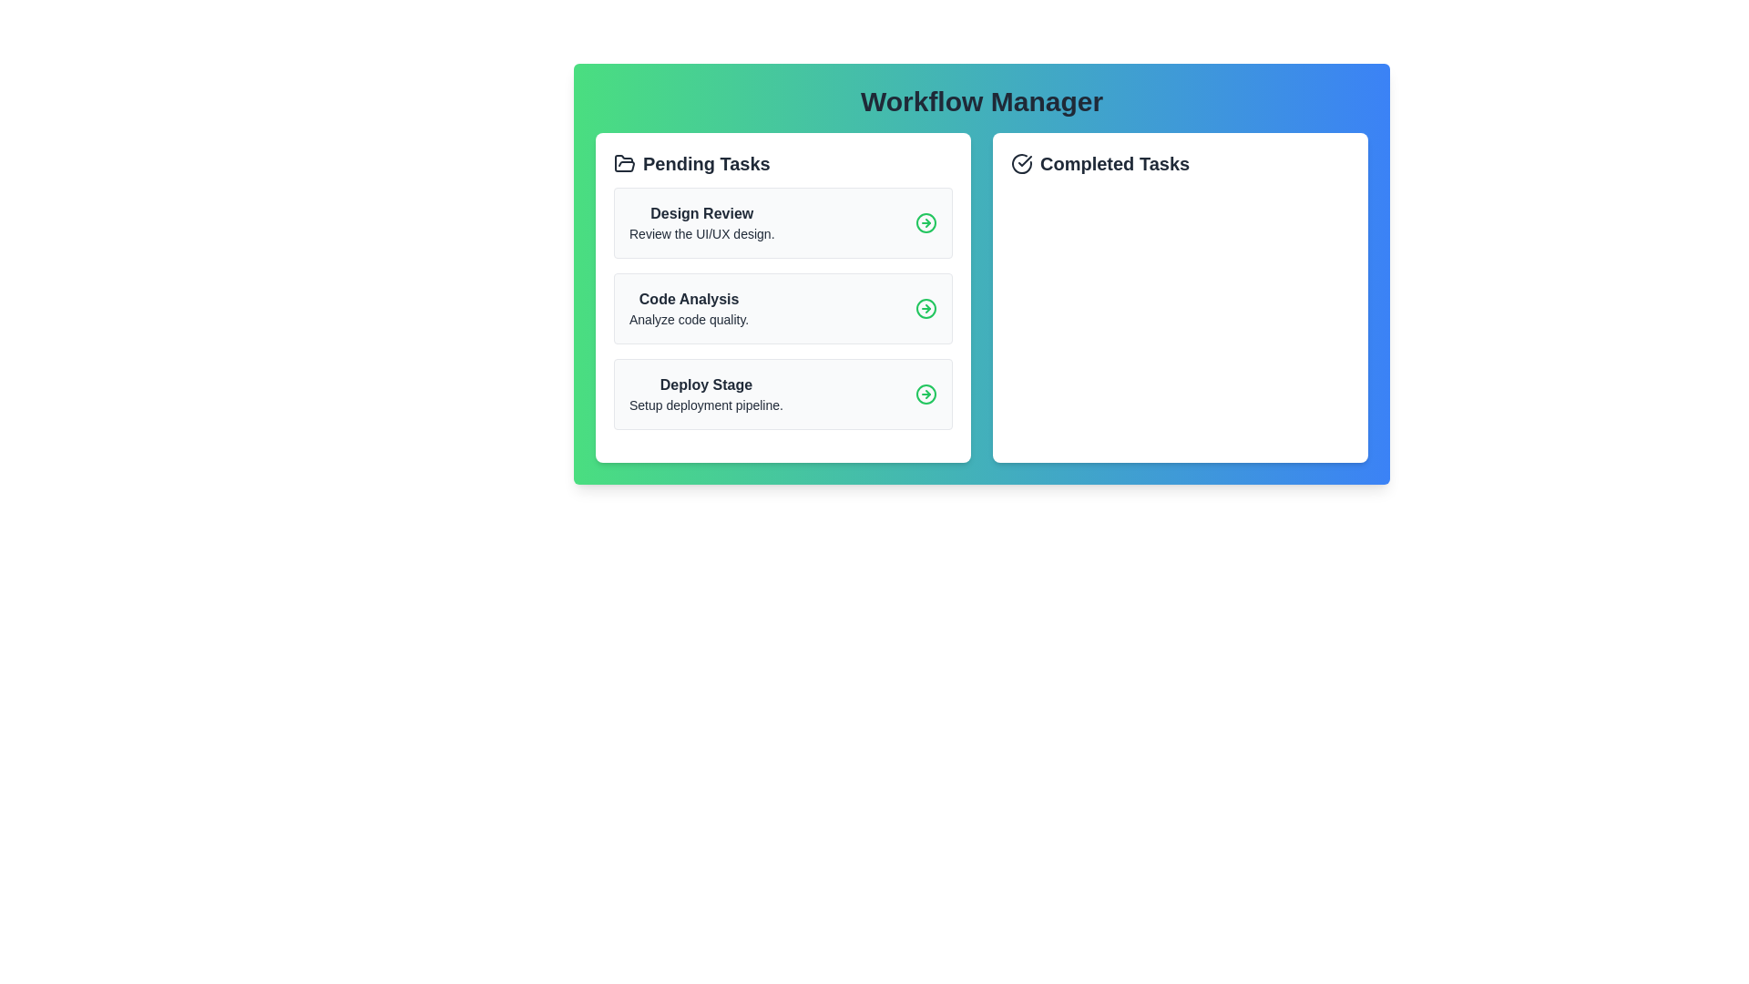 Image resolution: width=1749 pixels, height=984 pixels. What do you see at coordinates (701, 233) in the screenshot?
I see `descriptive text located directly beneath the bolded heading 'Design Review' in the first task card under the 'Pending Tasks' section` at bounding box center [701, 233].